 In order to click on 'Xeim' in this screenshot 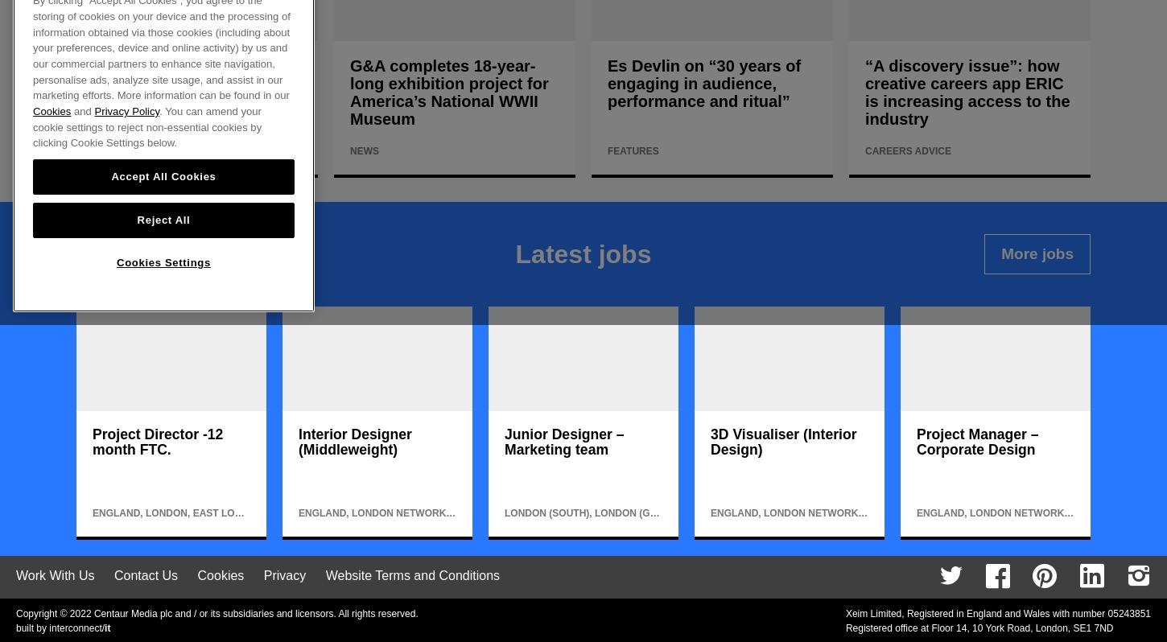, I will do `click(856, 612)`.